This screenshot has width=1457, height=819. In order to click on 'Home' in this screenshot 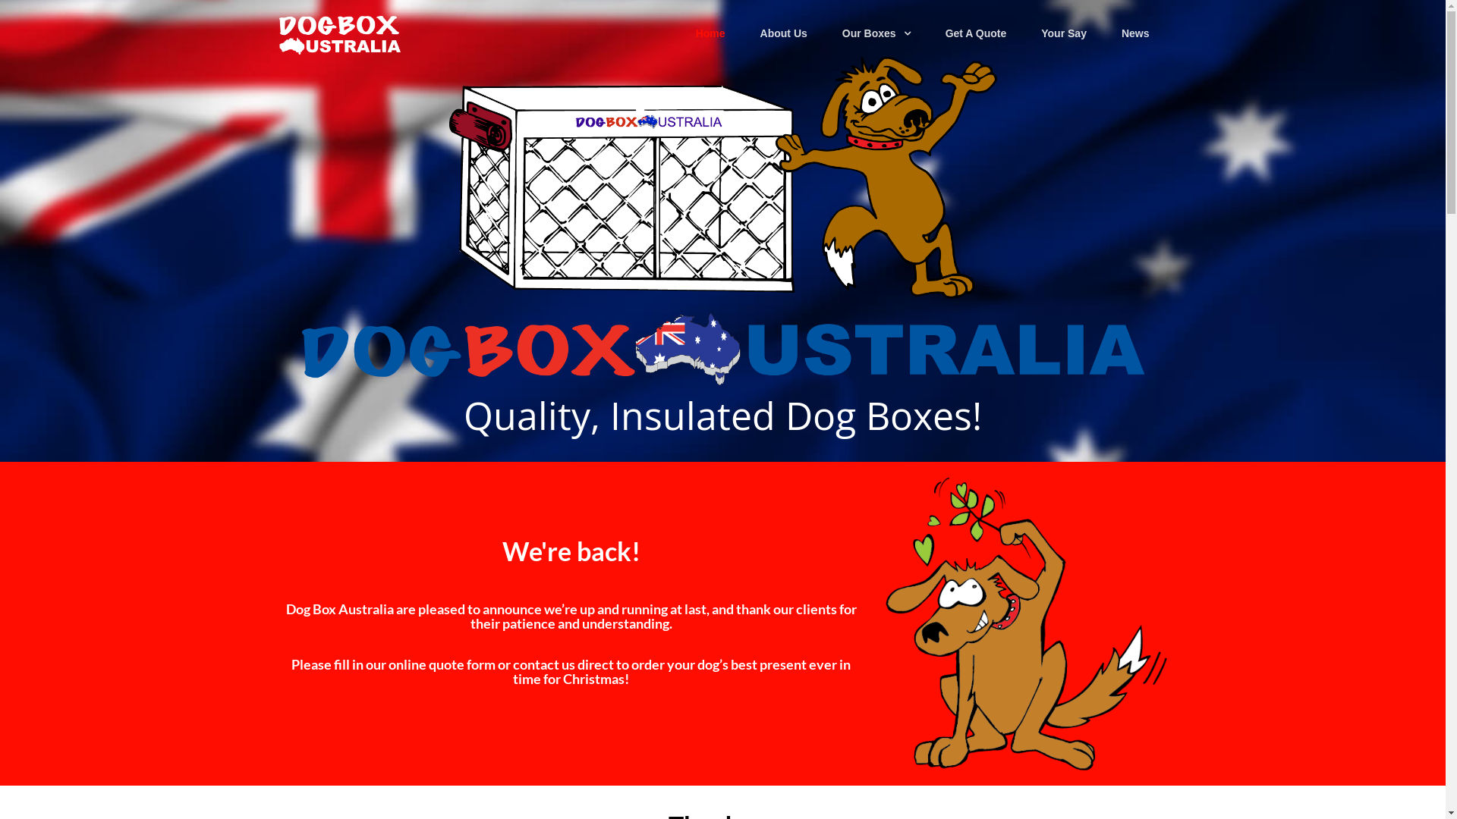, I will do `click(710, 33)`.